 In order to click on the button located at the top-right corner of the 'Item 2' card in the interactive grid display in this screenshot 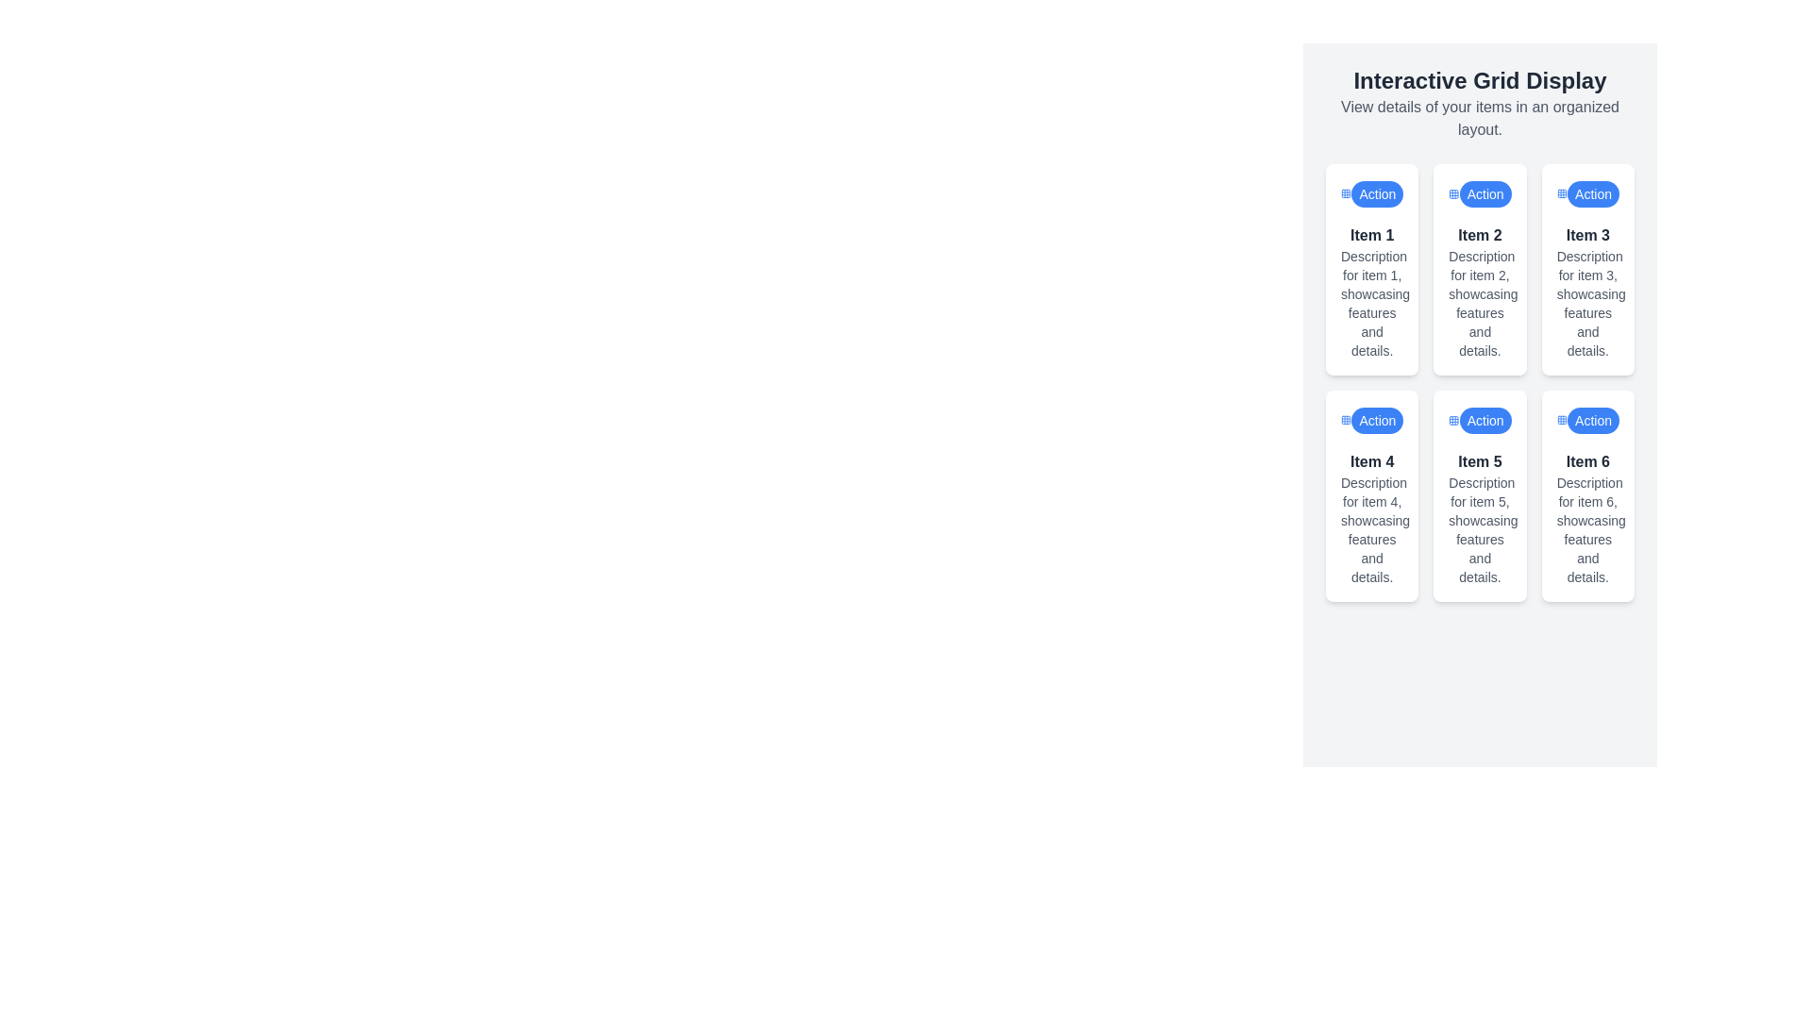, I will do `click(1479, 193)`.